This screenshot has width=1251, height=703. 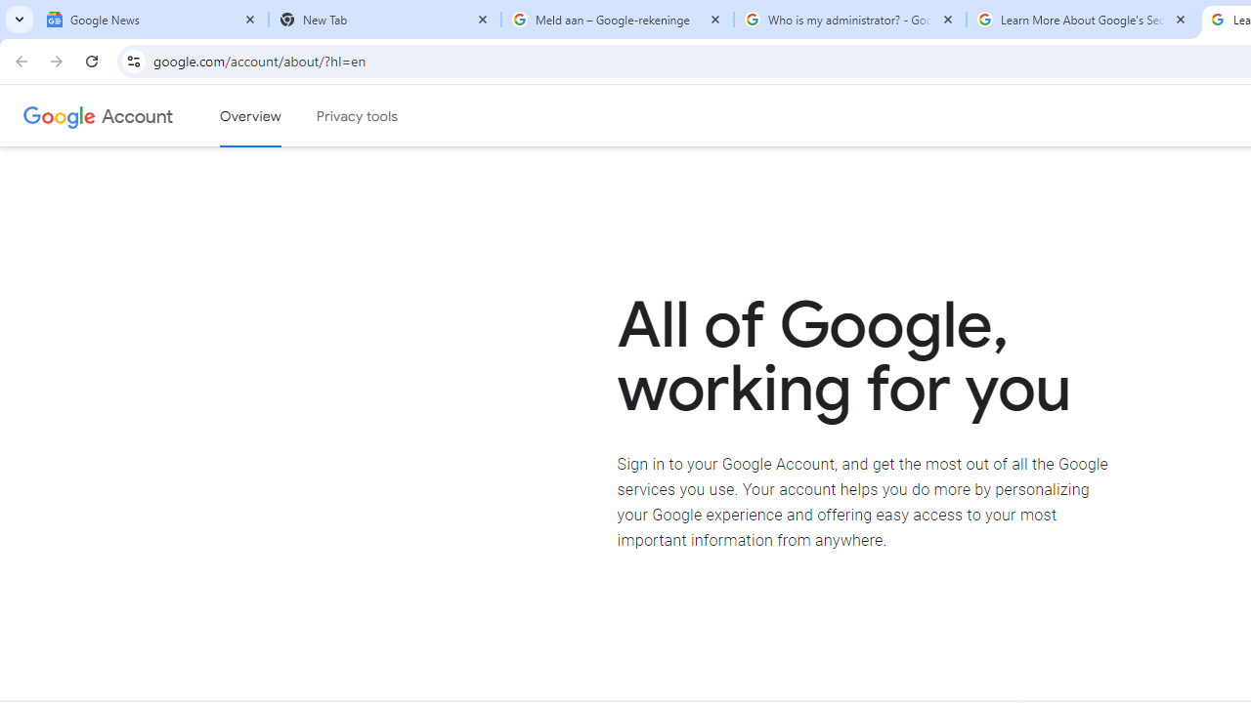 I want to click on 'Who is my administrator? - Google Account Help', so click(x=850, y=20).